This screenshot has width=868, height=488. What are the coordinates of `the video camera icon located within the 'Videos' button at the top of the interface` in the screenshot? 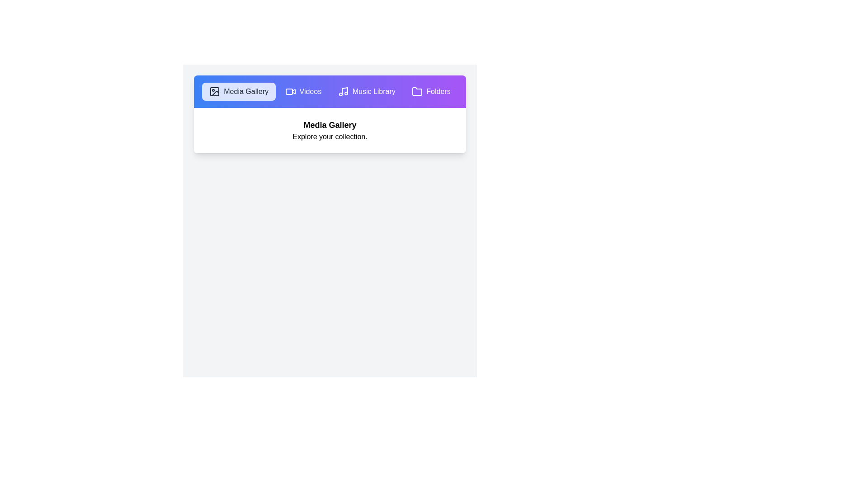 It's located at (290, 92).